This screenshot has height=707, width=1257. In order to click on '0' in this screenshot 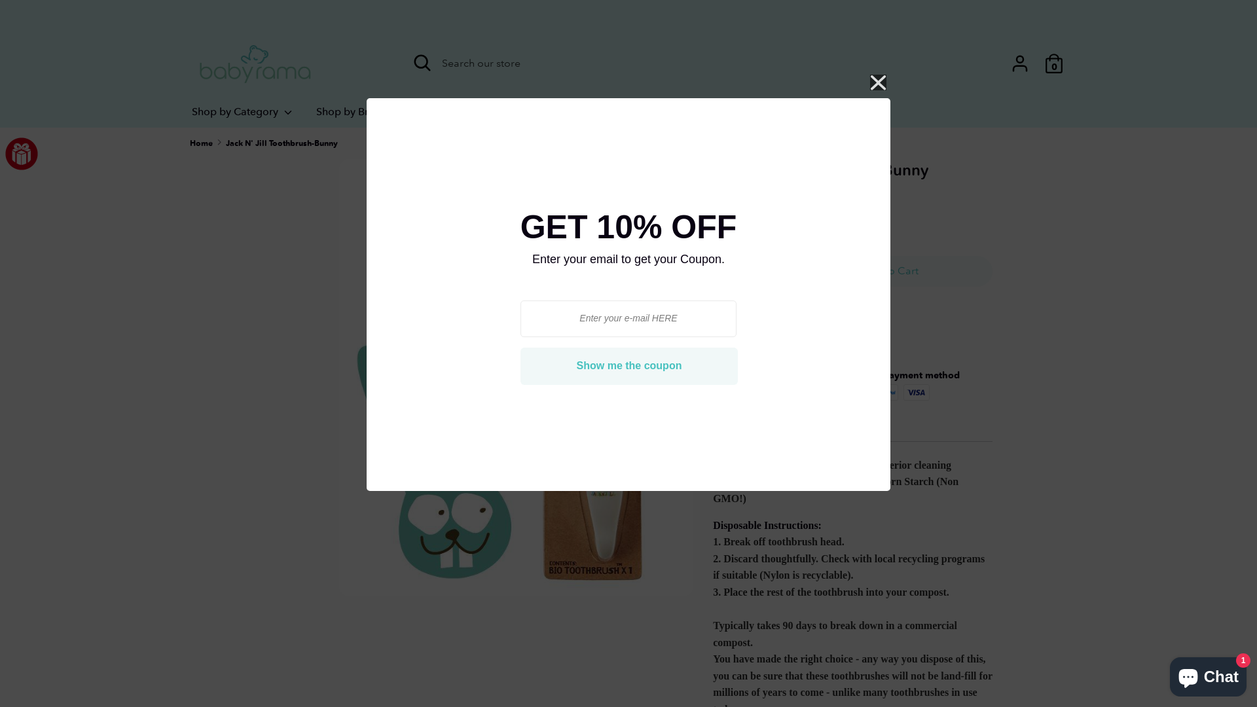, I will do `click(1049, 58)`.